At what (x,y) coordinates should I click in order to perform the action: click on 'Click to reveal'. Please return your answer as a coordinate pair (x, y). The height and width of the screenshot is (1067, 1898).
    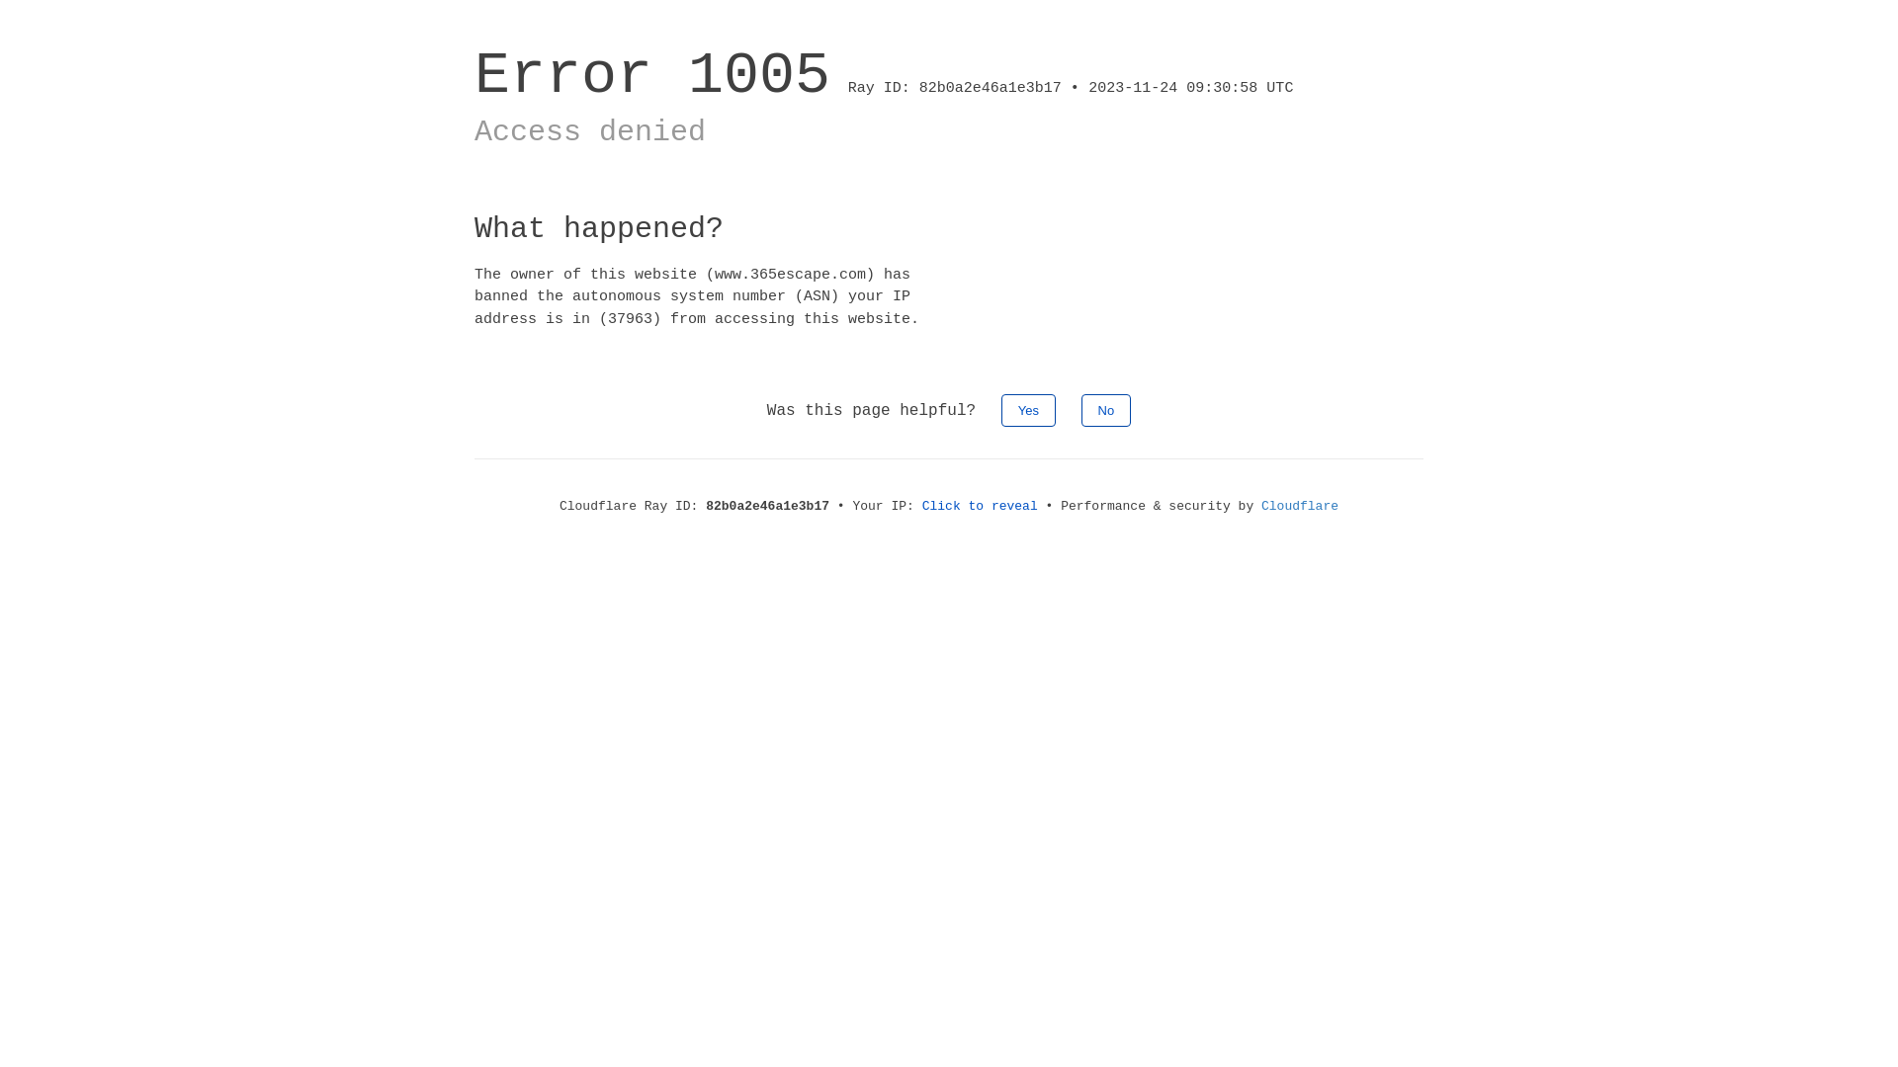
    Looking at the image, I should click on (980, 505).